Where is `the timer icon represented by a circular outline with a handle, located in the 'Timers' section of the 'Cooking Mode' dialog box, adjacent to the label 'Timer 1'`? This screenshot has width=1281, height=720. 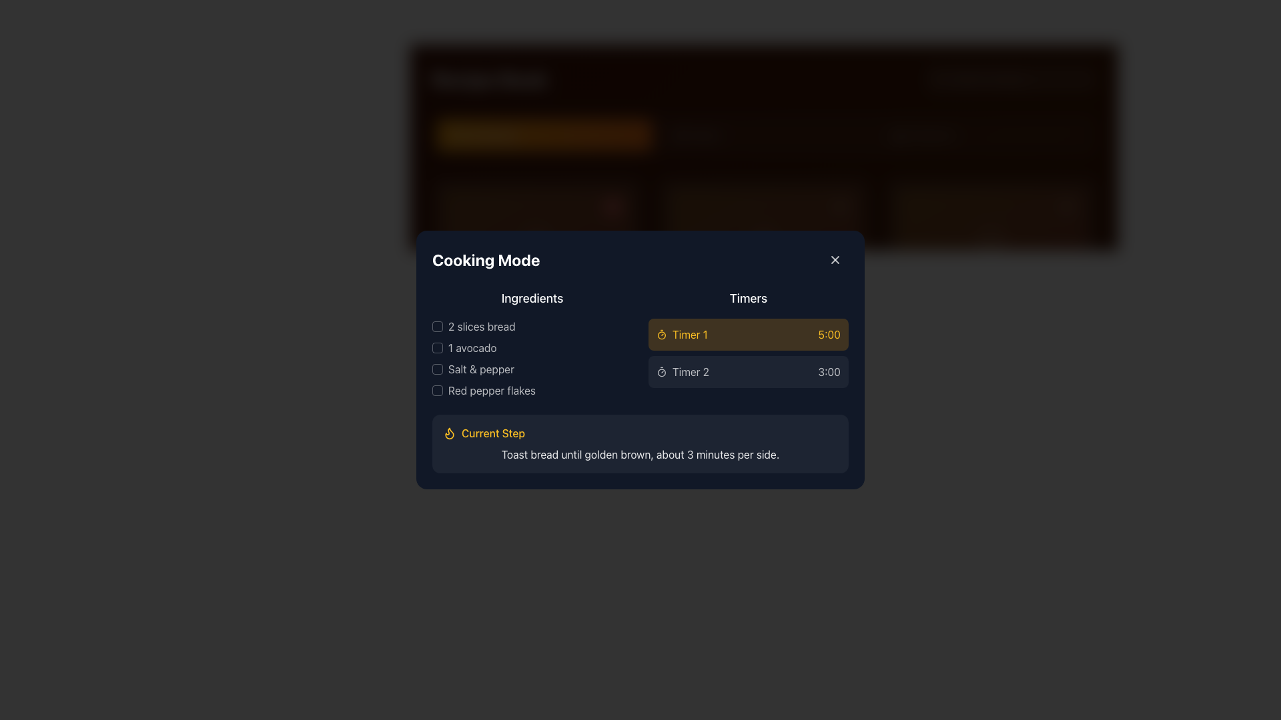 the timer icon represented by a circular outline with a handle, located in the 'Timers' section of the 'Cooking Mode' dialog box, adjacent to the label 'Timer 1' is located at coordinates (662, 333).